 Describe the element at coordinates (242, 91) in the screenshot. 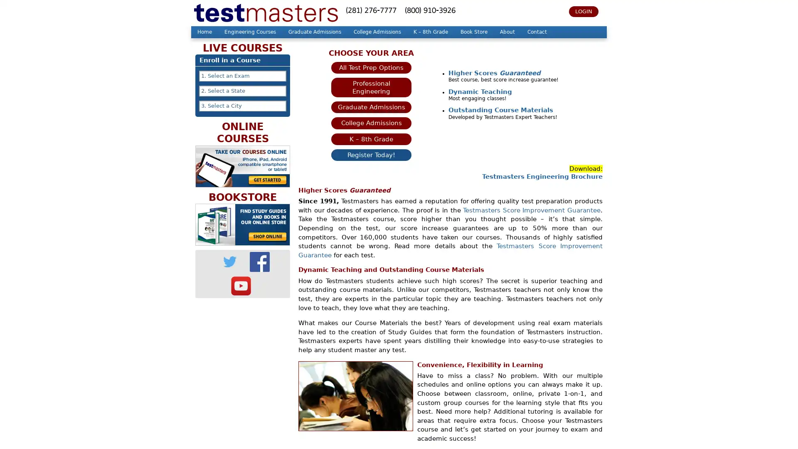

I see `2. Select a State` at that location.